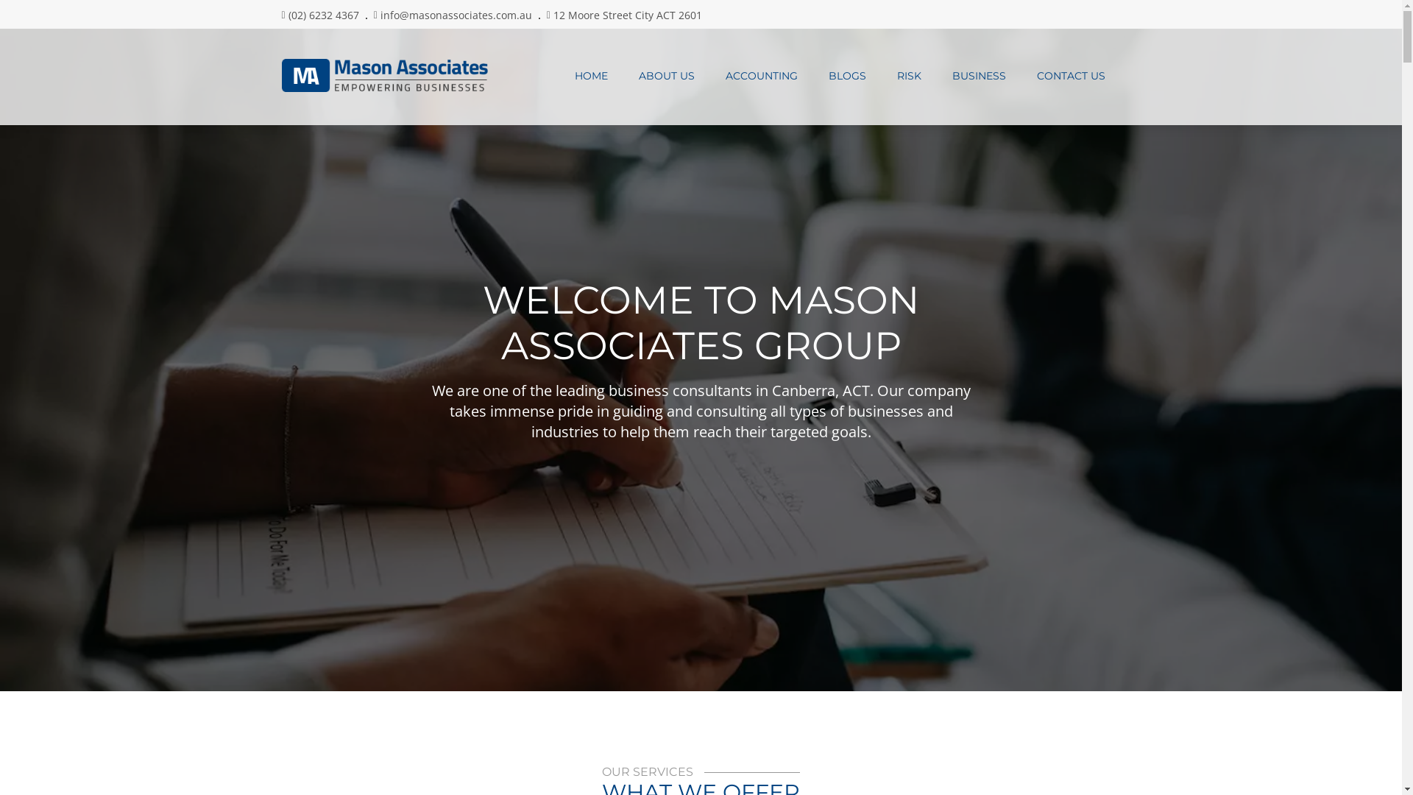  What do you see at coordinates (622, 76) in the screenshot?
I see `'ABOUT US'` at bounding box center [622, 76].